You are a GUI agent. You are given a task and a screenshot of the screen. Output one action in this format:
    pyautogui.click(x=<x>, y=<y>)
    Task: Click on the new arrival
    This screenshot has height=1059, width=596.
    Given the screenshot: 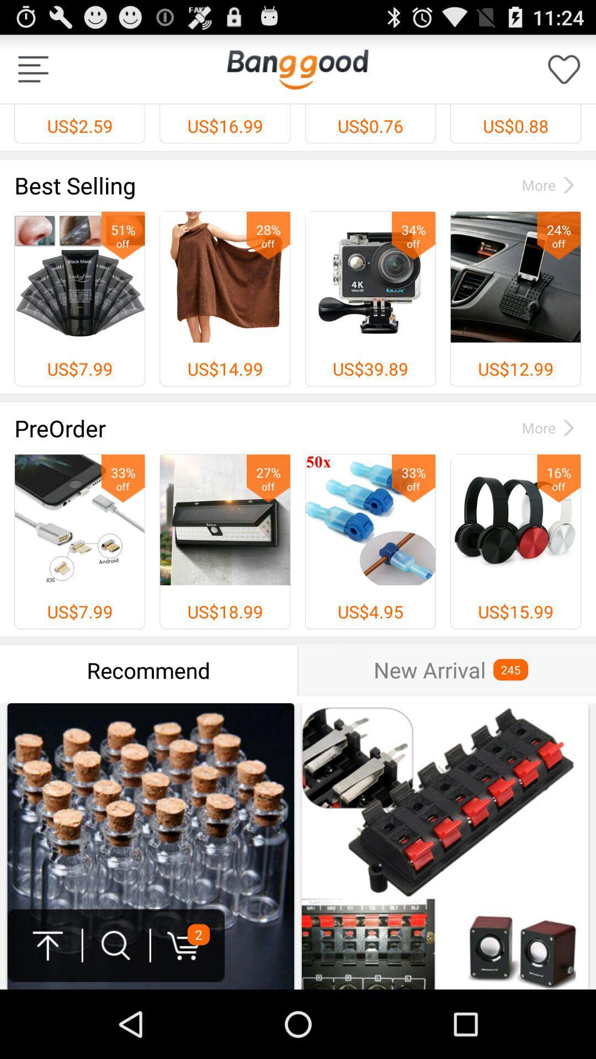 What is the action you would take?
    pyautogui.click(x=429, y=669)
    